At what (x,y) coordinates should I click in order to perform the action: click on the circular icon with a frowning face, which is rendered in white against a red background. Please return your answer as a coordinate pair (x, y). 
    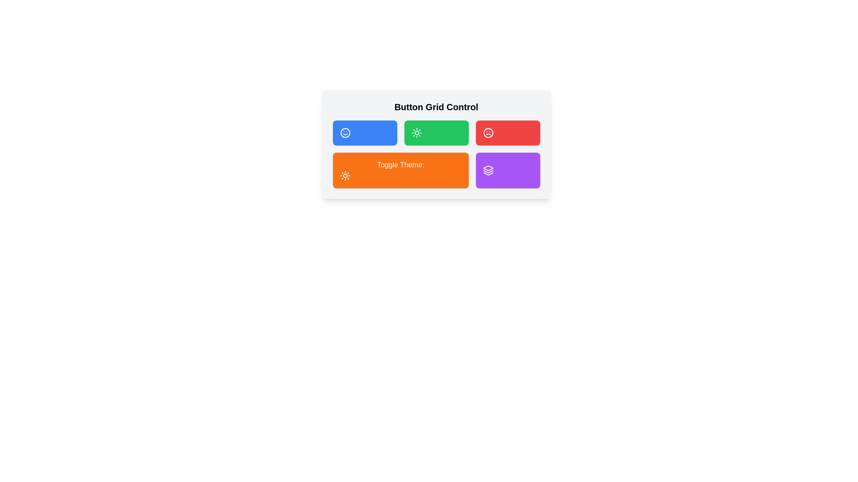
    Looking at the image, I should click on (488, 133).